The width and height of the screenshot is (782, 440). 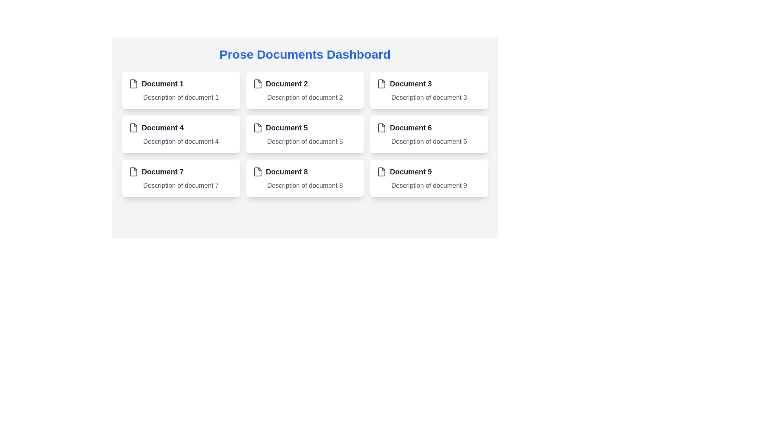 I want to click on the bold text label 'Document 2' which is accompanied by a small document icon, to associate with the document representation, so click(x=304, y=84).